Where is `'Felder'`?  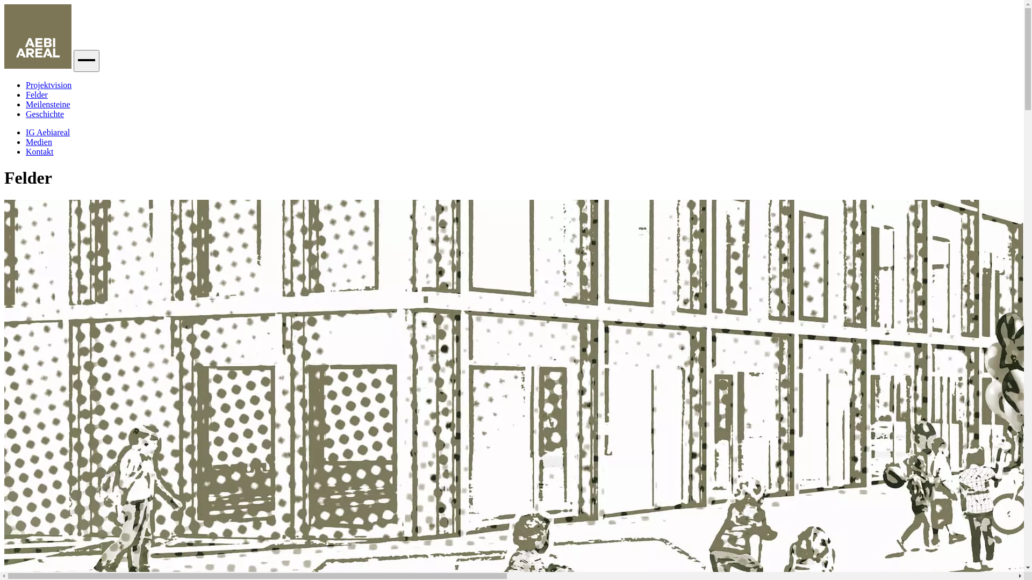
'Felder' is located at coordinates (37, 94).